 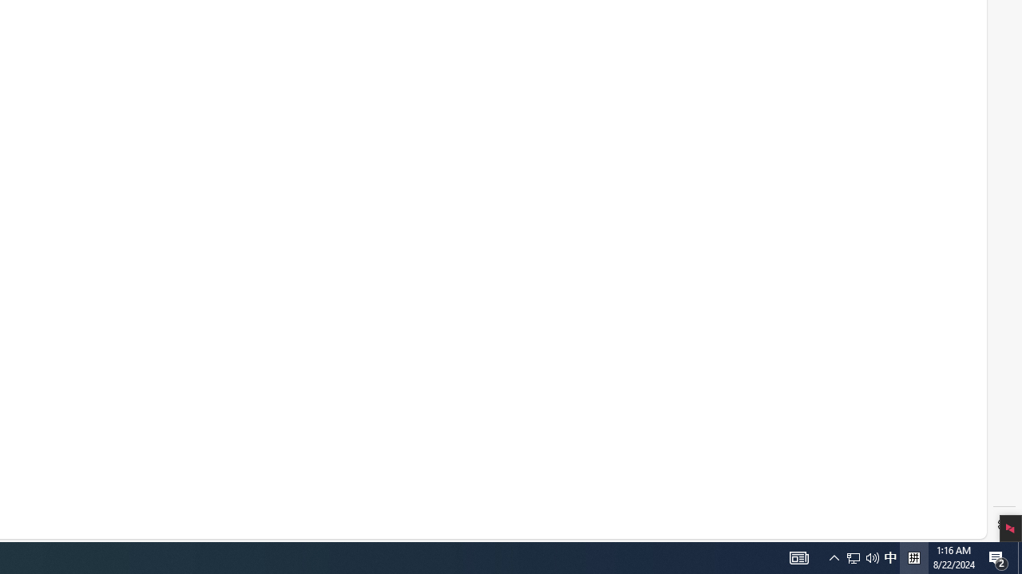 I want to click on 'Settings', so click(x=1004, y=525).